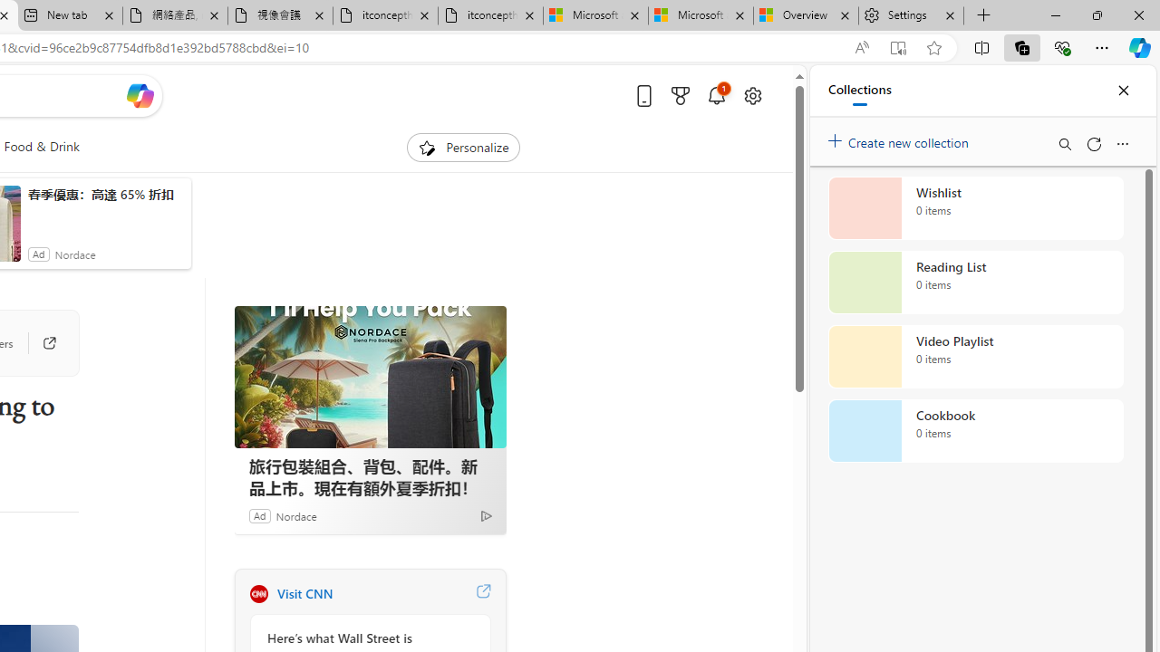  Describe the element at coordinates (42, 147) in the screenshot. I see `'Food & Drink'` at that location.